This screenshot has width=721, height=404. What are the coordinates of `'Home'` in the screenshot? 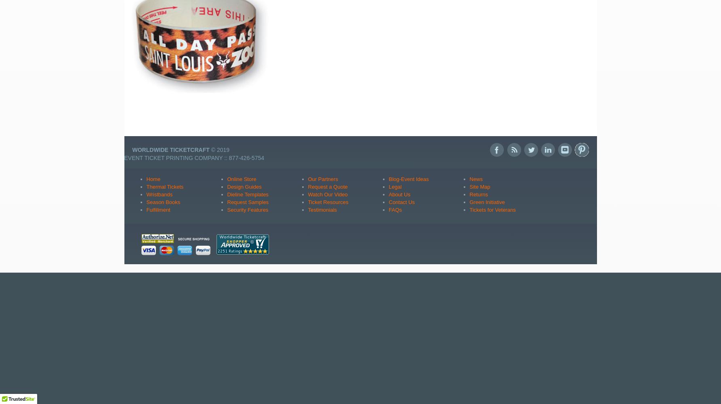 It's located at (153, 178).